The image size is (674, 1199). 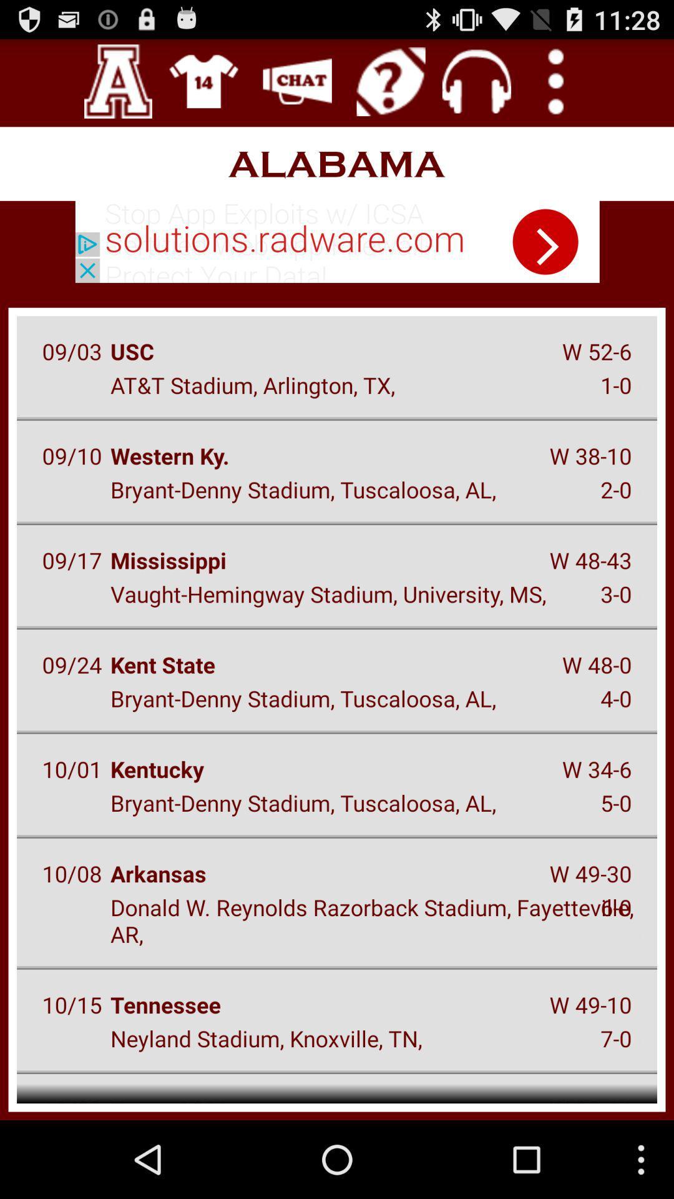 I want to click on the help icon, so click(x=390, y=86).